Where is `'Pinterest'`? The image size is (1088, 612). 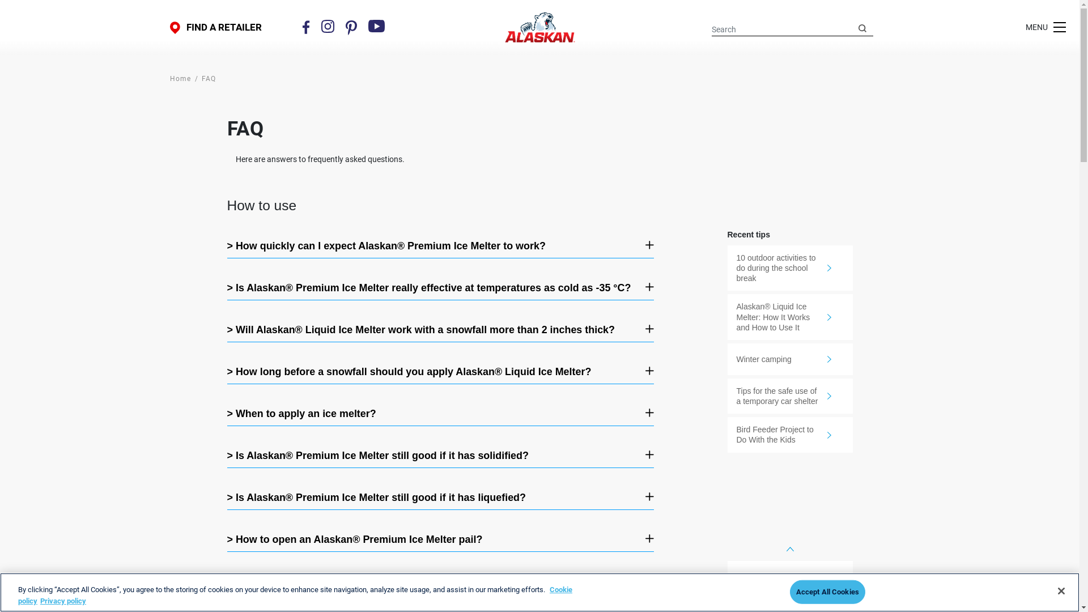
'Pinterest' is located at coordinates (345, 27).